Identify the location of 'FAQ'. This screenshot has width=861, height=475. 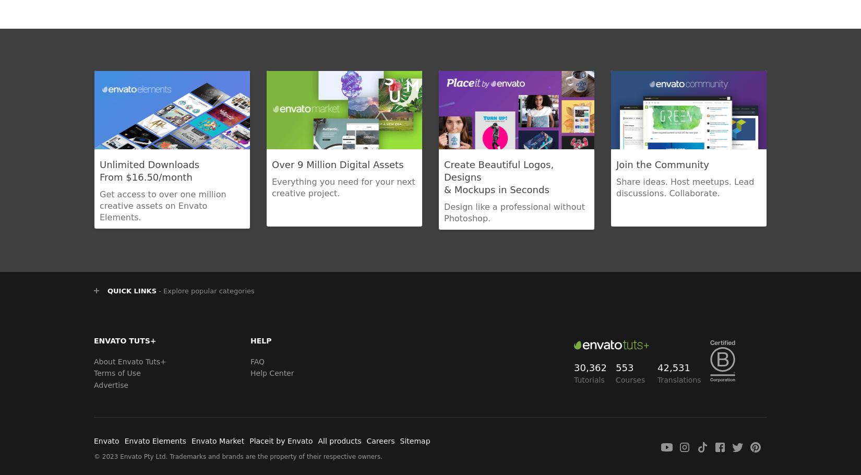
(249, 361).